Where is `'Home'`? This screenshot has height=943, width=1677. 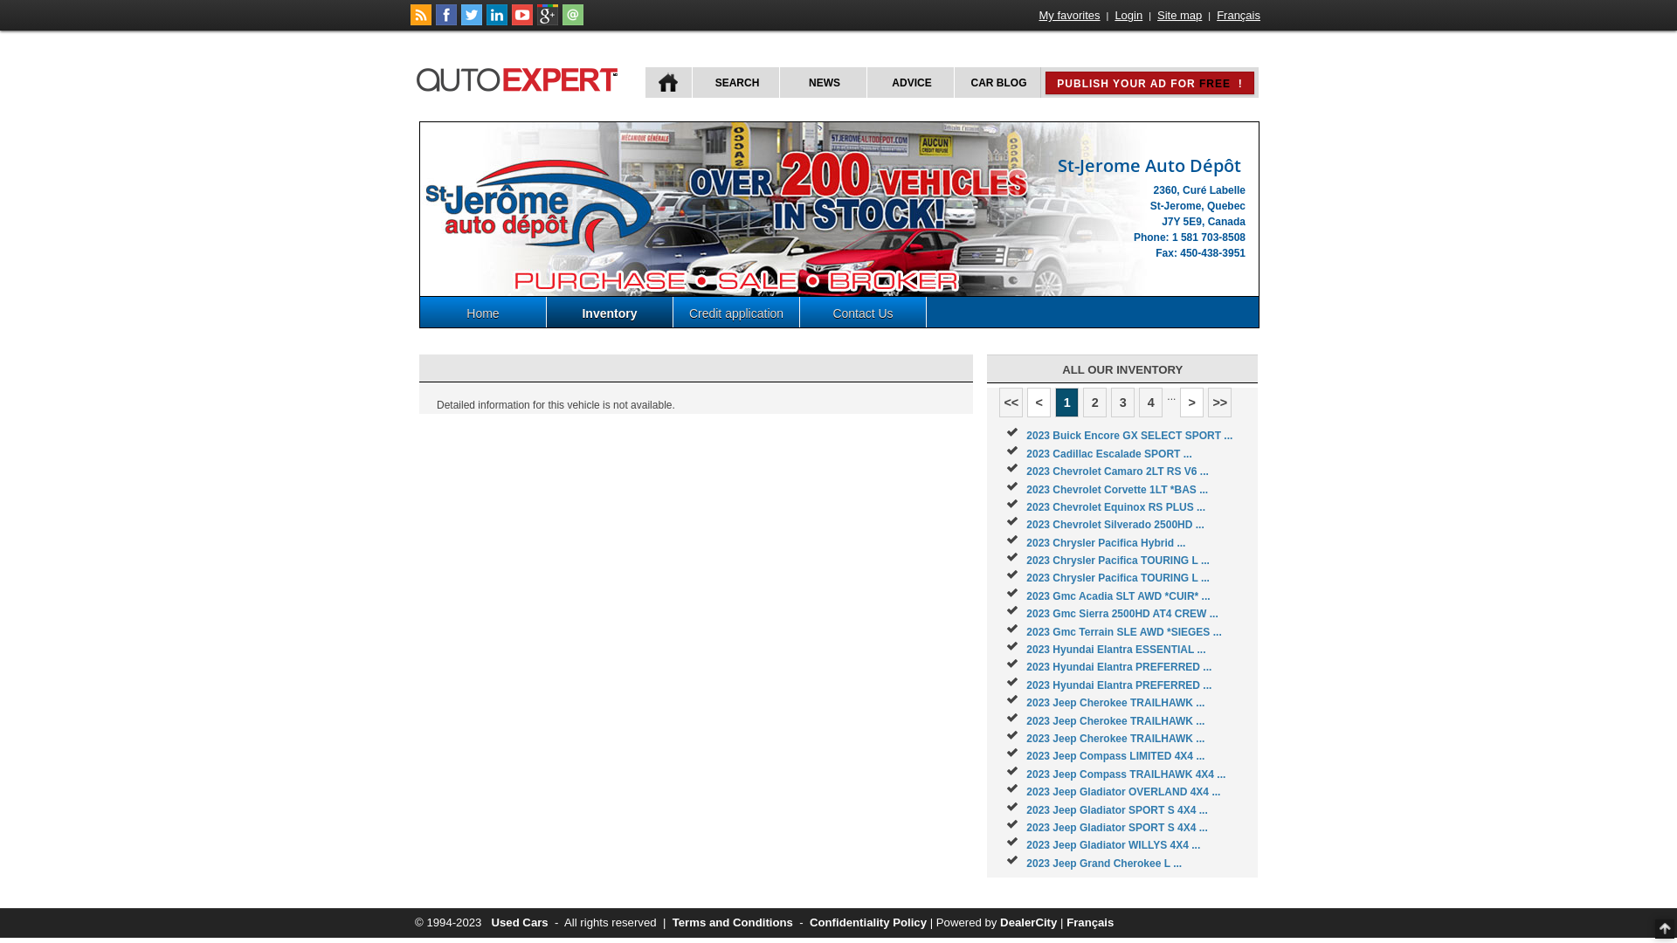
'Home' is located at coordinates (483, 311).